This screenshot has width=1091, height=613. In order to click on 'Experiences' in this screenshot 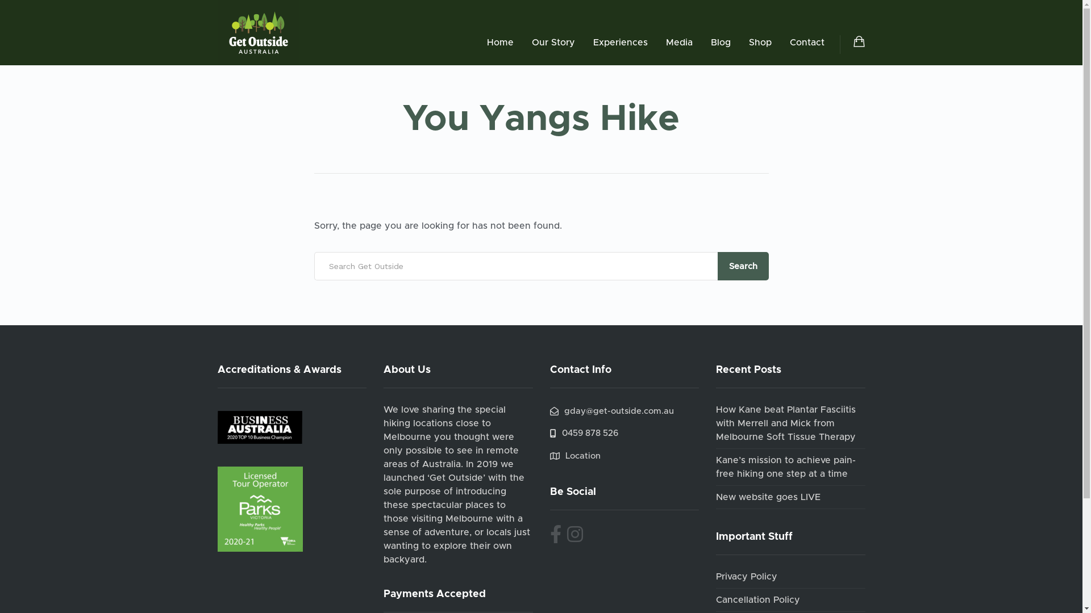, I will do `click(592, 41)`.